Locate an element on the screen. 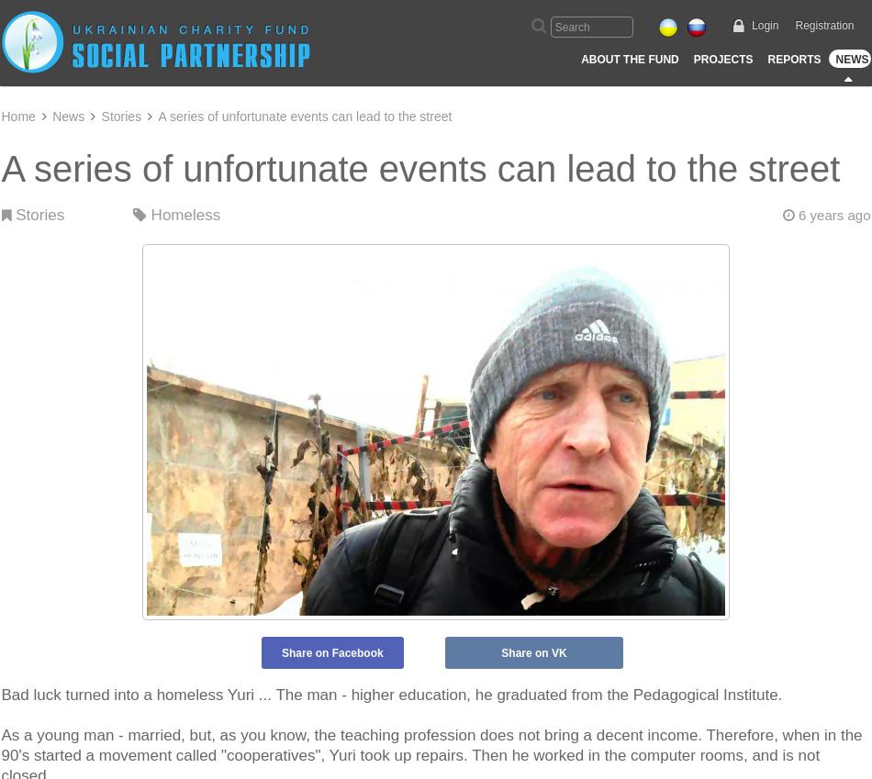  '6 years ago' is located at coordinates (831, 214).